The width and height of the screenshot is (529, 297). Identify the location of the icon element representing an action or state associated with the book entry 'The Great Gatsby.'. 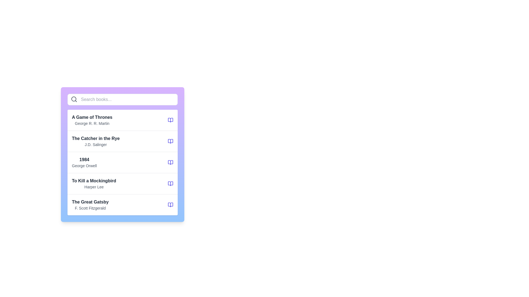
(170, 205).